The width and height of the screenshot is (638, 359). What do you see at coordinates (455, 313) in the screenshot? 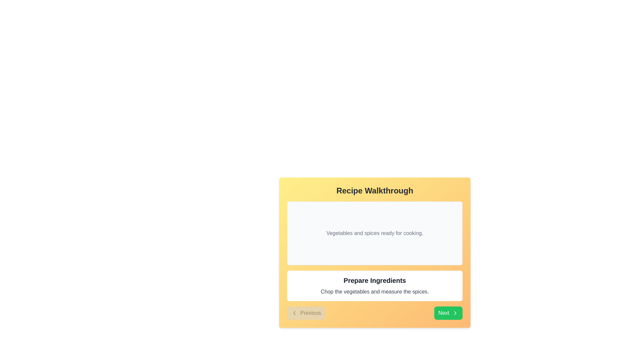
I see `the forward navigation icon located inside the 'Next' button at the bottom right corner of the 'Recipe Walkthrough' content box` at bounding box center [455, 313].